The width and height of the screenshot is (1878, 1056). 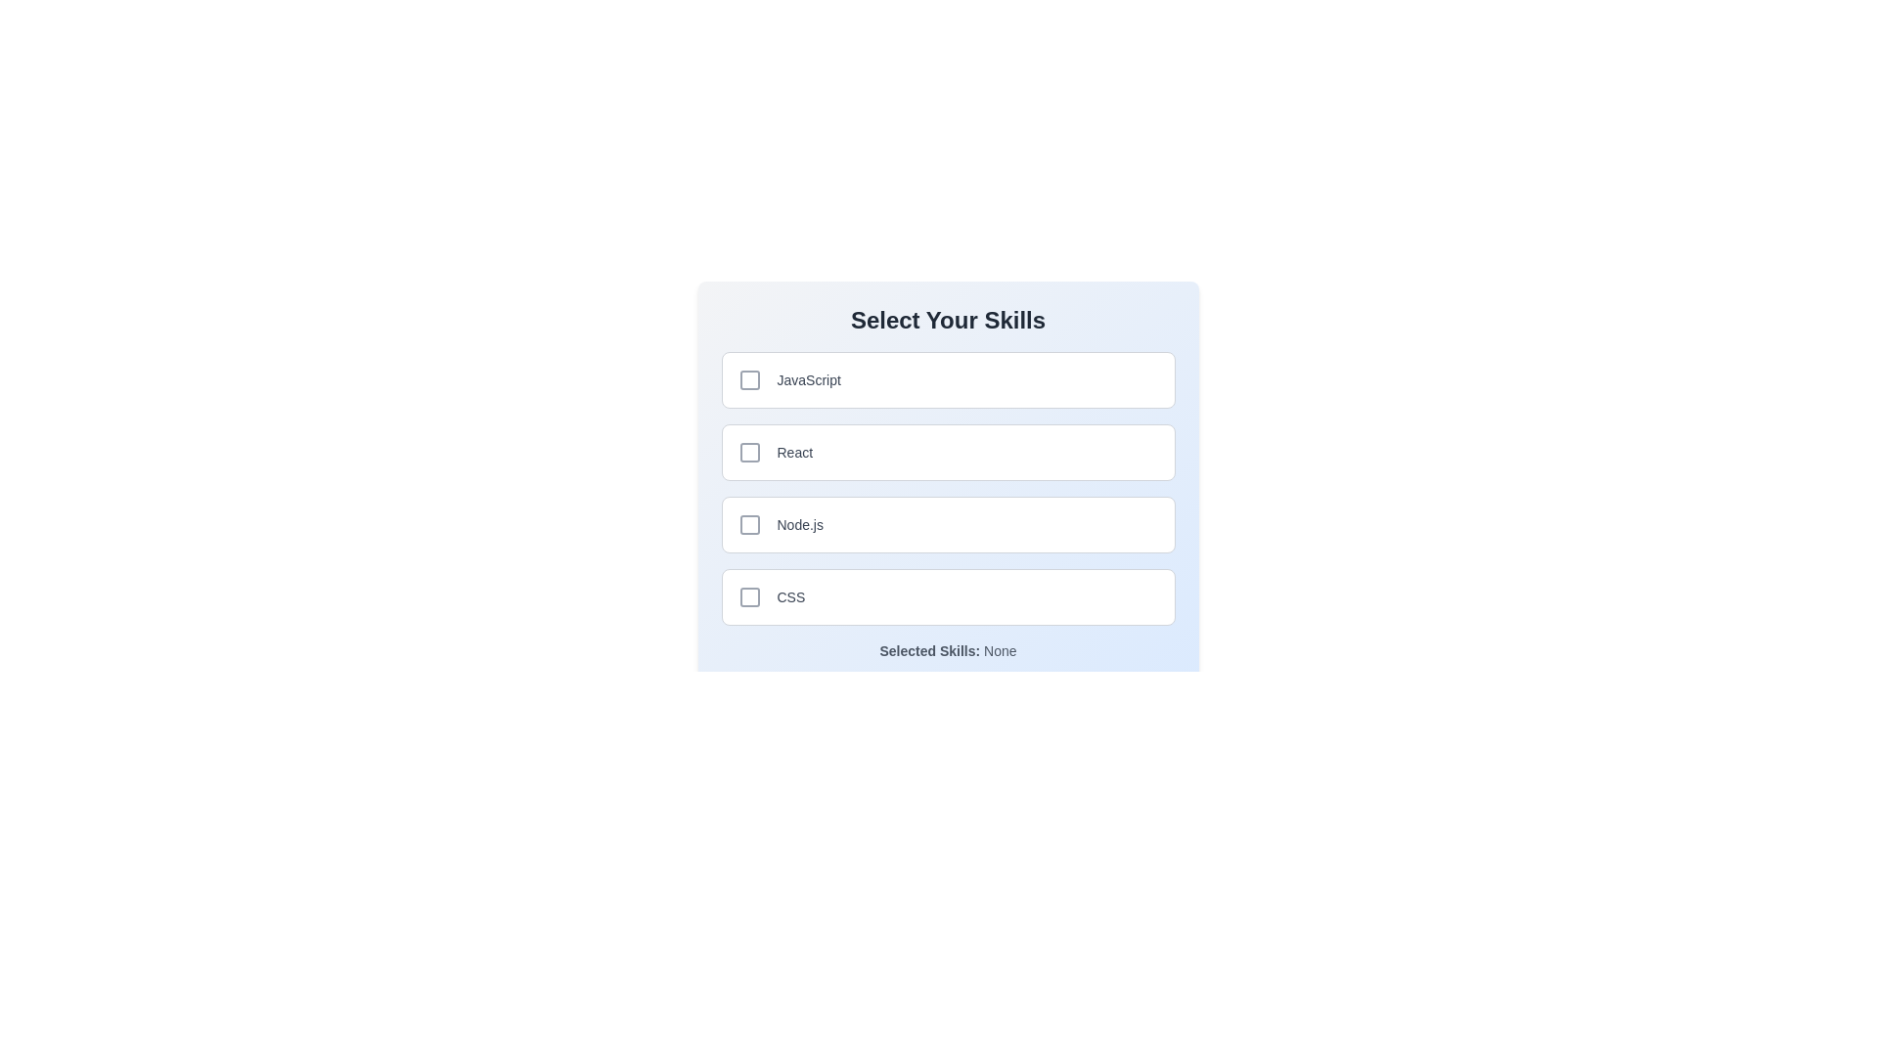 What do you see at coordinates (748, 523) in the screenshot?
I see `the inner square component of the 'Node.js' checkbox` at bounding box center [748, 523].